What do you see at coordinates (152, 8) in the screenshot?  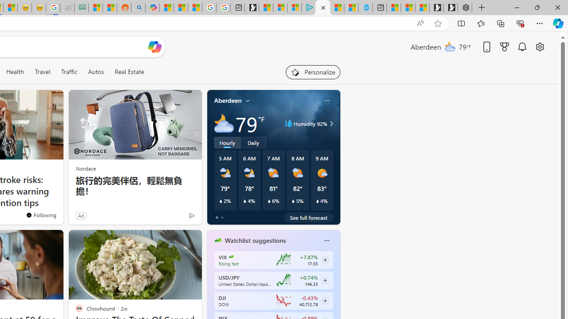 I see `'Microsoft Copilot in Bing'` at bounding box center [152, 8].